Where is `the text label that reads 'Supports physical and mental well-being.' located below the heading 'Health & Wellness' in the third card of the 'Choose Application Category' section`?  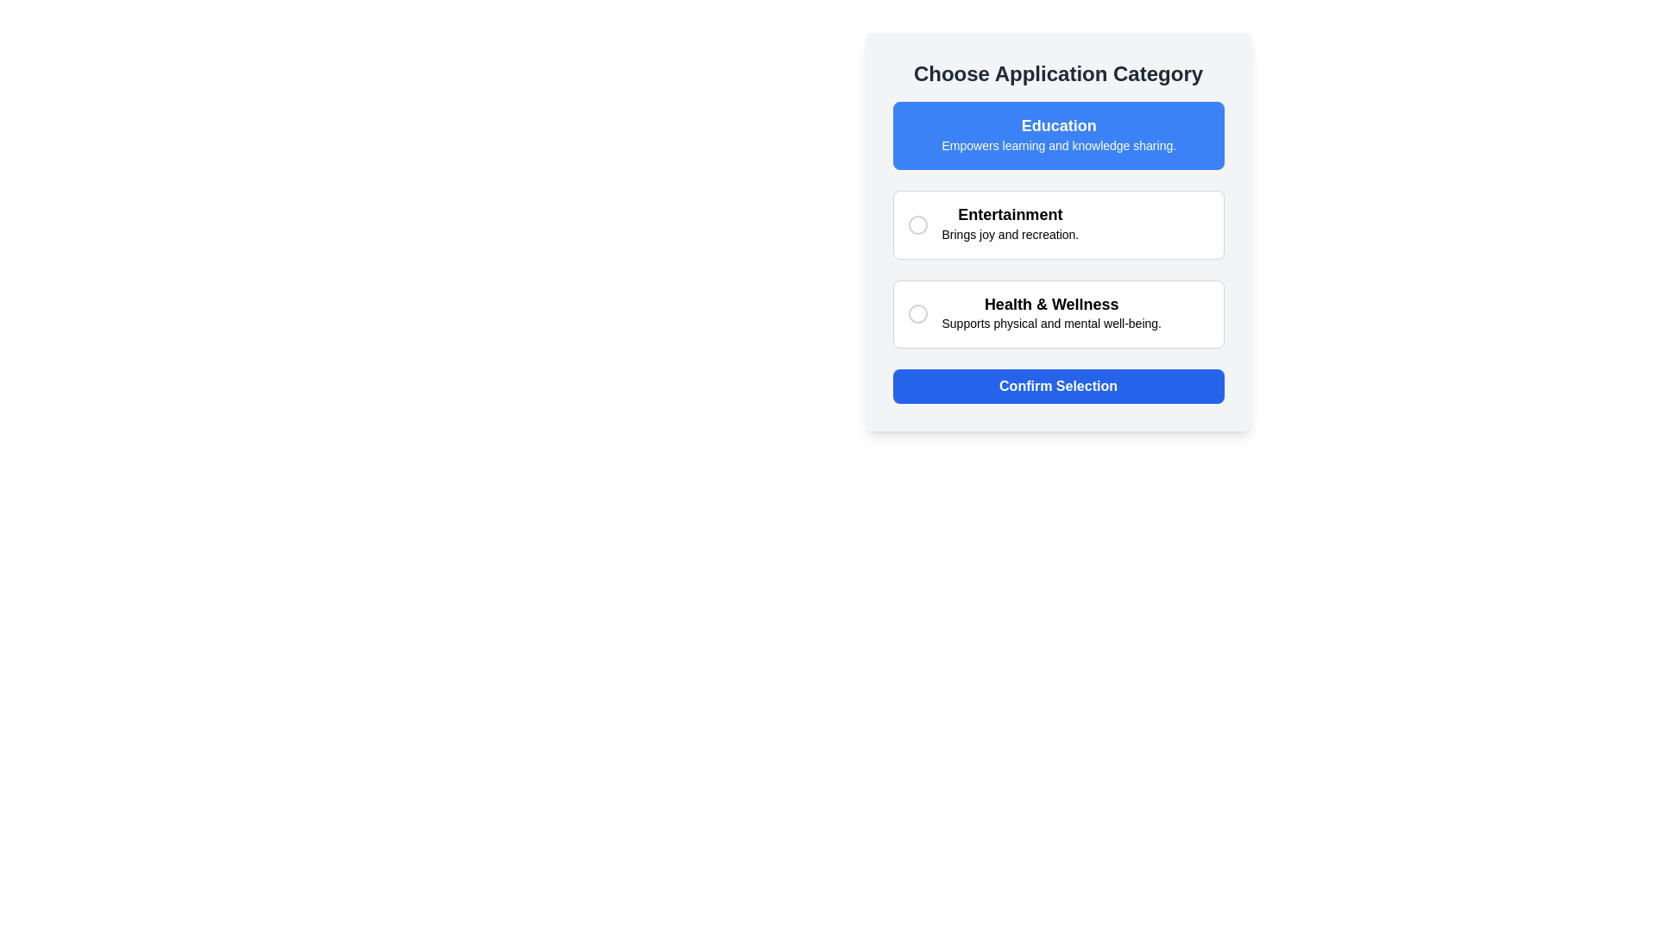 the text label that reads 'Supports physical and mental well-being.' located below the heading 'Health & Wellness' in the third card of the 'Choose Application Category' section is located at coordinates (1050, 324).